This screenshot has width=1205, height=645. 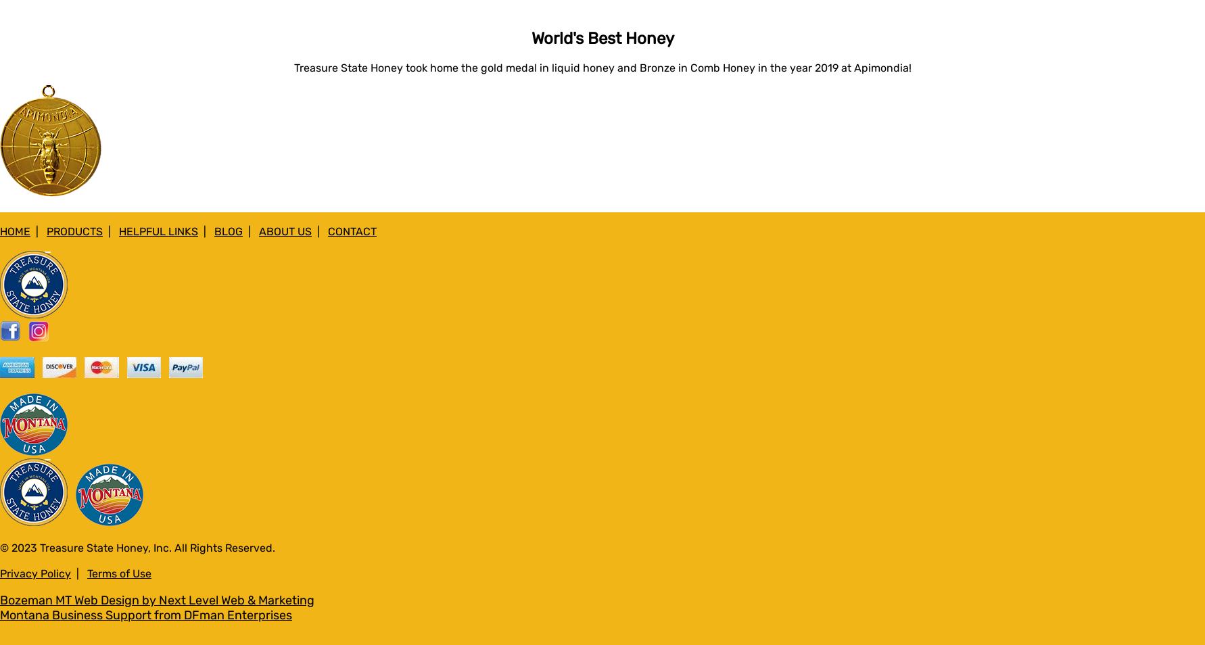 What do you see at coordinates (137, 547) in the screenshot?
I see `'© 2023 Treasure State Honey, Inc. All Rights Reserved.'` at bounding box center [137, 547].